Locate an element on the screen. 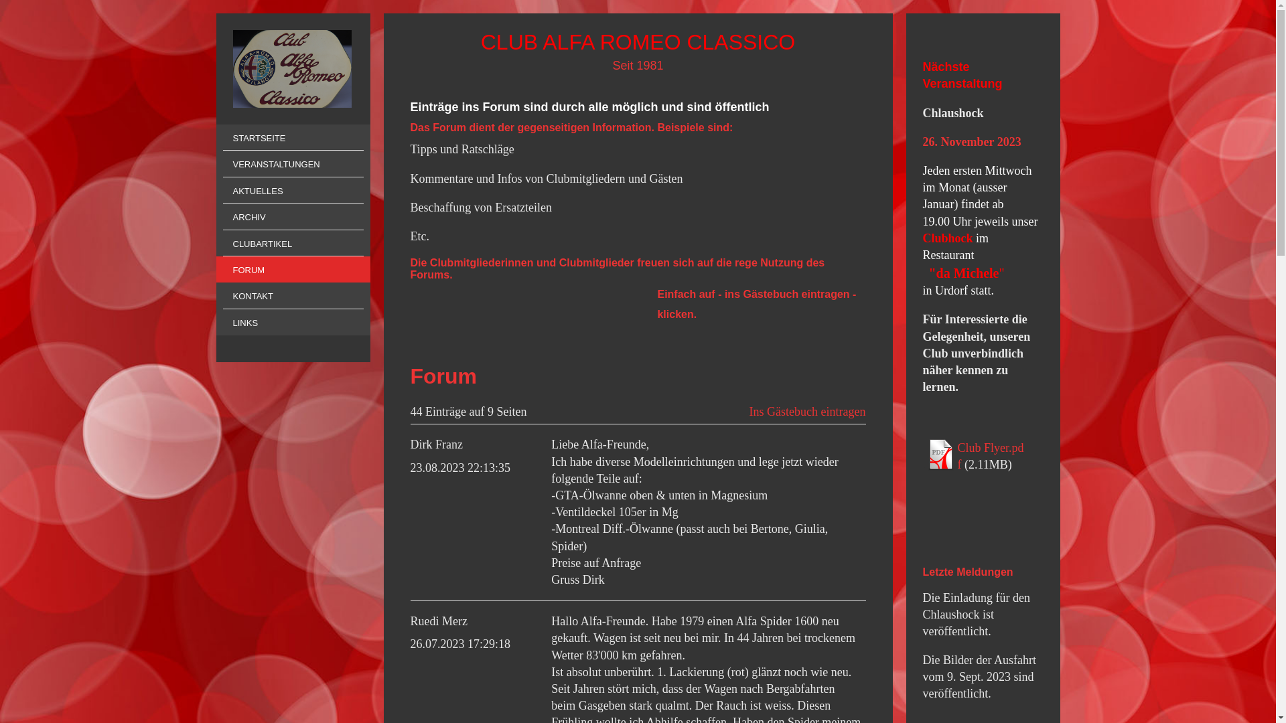 The image size is (1286, 723). 'ARCHIV' is located at coordinates (291, 216).